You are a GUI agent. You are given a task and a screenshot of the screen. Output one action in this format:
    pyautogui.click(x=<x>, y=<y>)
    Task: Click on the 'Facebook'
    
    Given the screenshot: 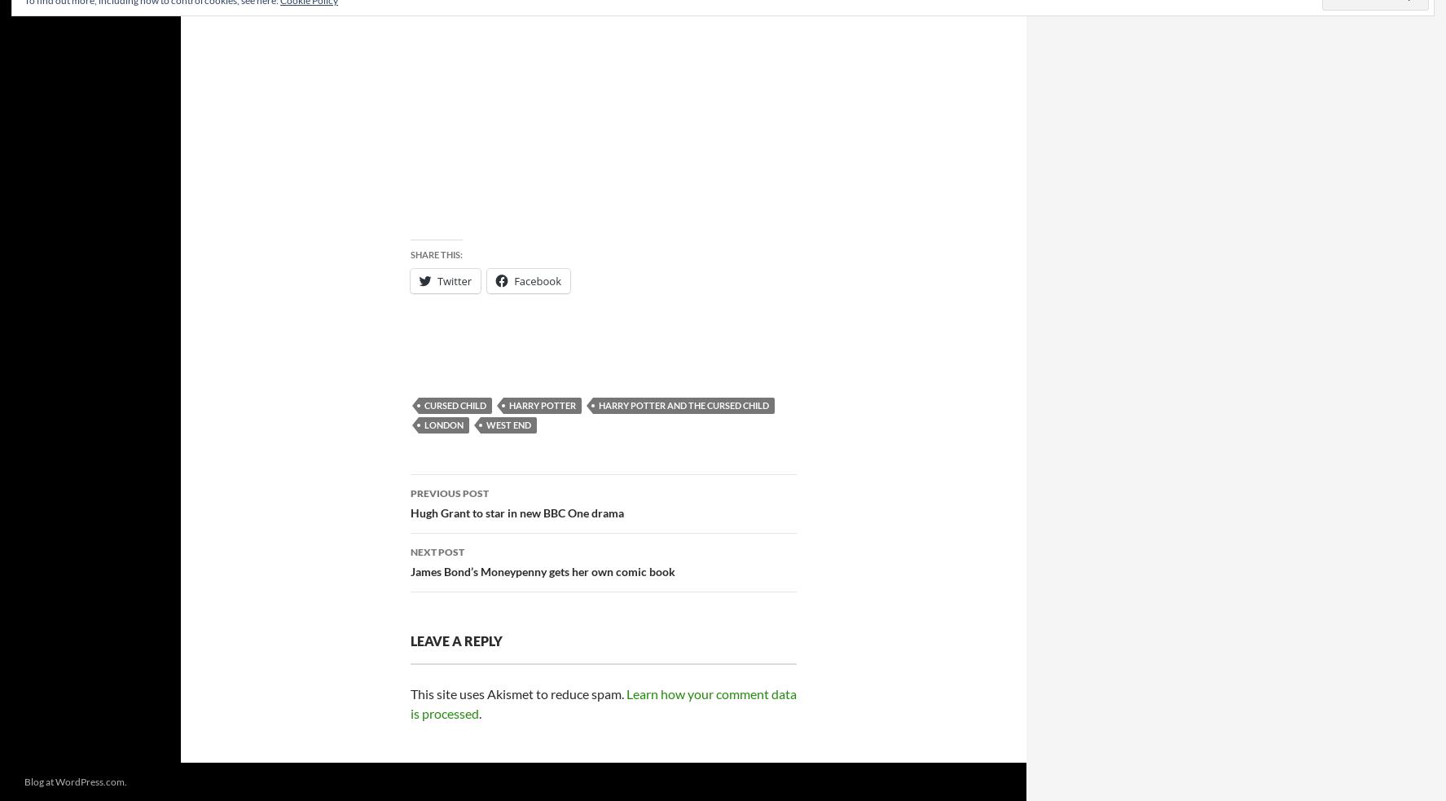 What is the action you would take?
    pyautogui.click(x=514, y=280)
    